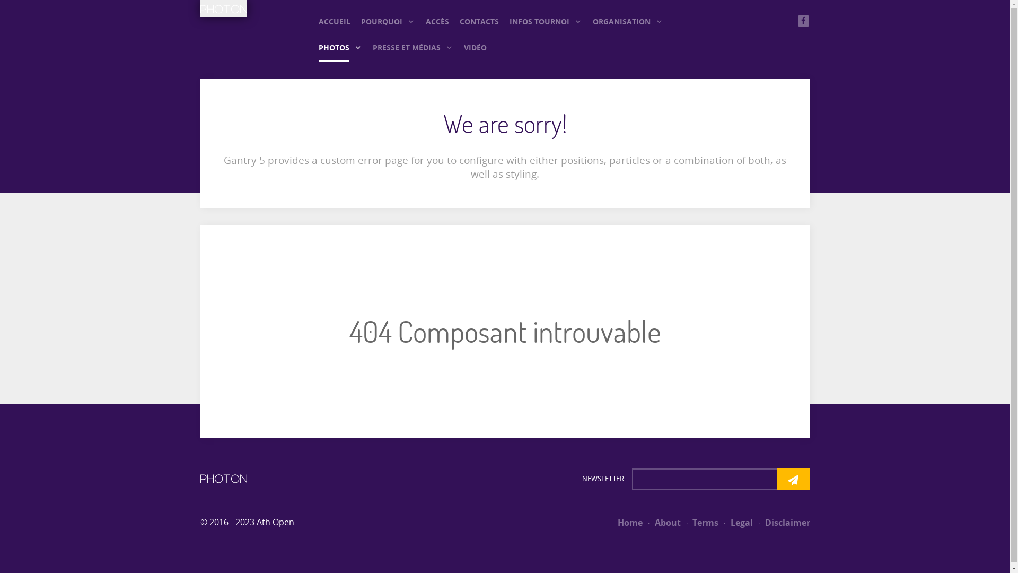  I want to click on 'Home', so click(630, 522).